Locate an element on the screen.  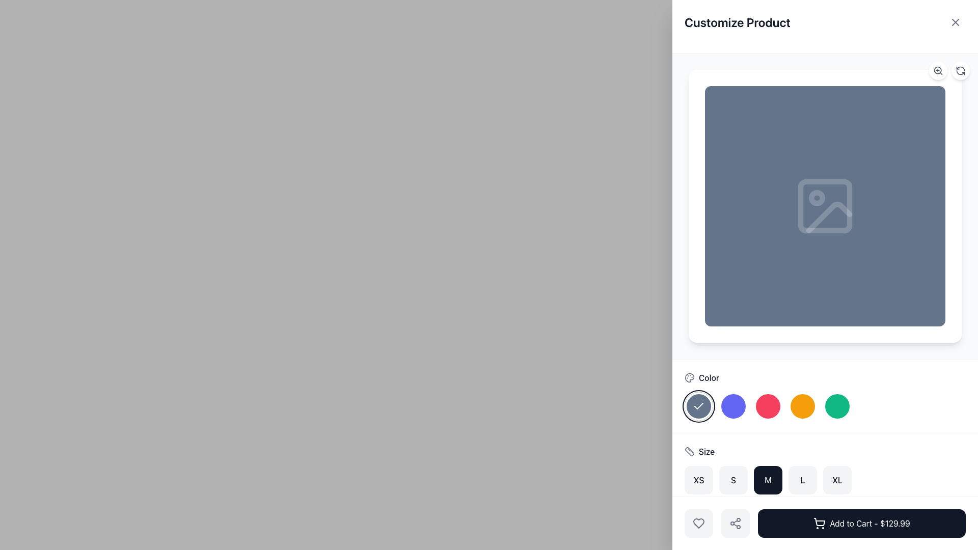
the image placeholder located in the top right customization panel is located at coordinates (825, 206).